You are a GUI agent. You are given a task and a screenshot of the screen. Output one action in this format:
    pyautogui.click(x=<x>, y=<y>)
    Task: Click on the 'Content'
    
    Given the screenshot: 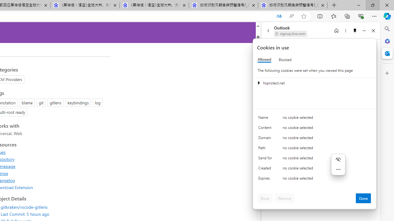 What is the action you would take?
    pyautogui.click(x=266, y=129)
    